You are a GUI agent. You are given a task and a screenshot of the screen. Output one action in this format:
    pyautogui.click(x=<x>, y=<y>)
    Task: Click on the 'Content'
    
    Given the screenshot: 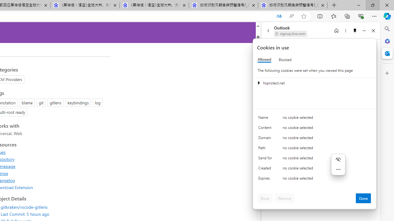 What is the action you would take?
    pyautogui.click(x=266, y=129)
    